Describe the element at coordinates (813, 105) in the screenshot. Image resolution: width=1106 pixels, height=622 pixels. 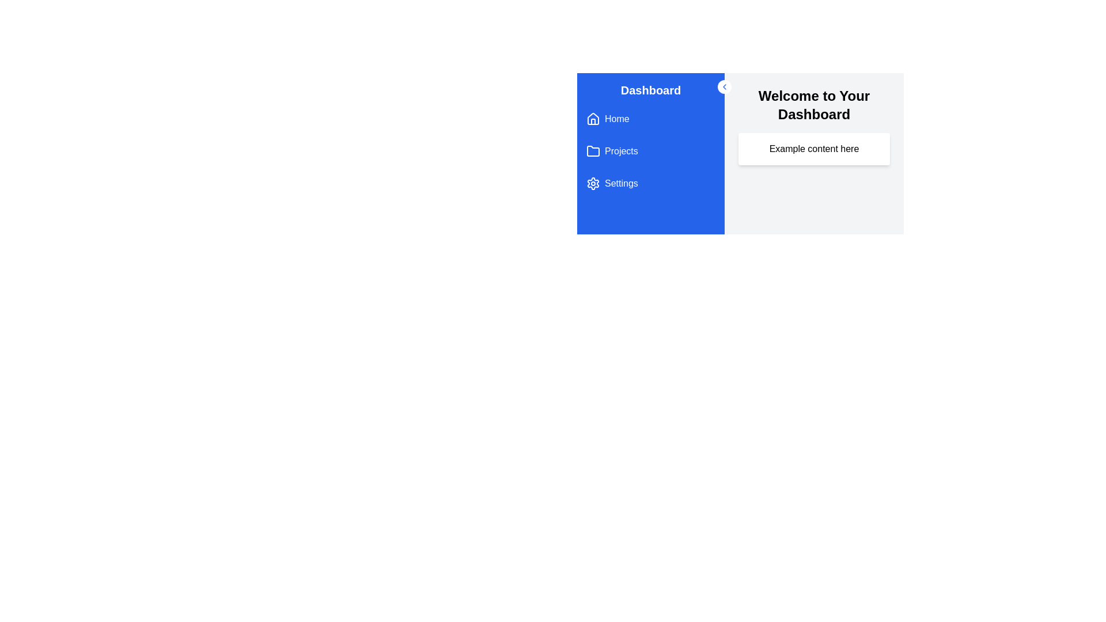
I see `the main title or heading of the dashboard interface` at that location.